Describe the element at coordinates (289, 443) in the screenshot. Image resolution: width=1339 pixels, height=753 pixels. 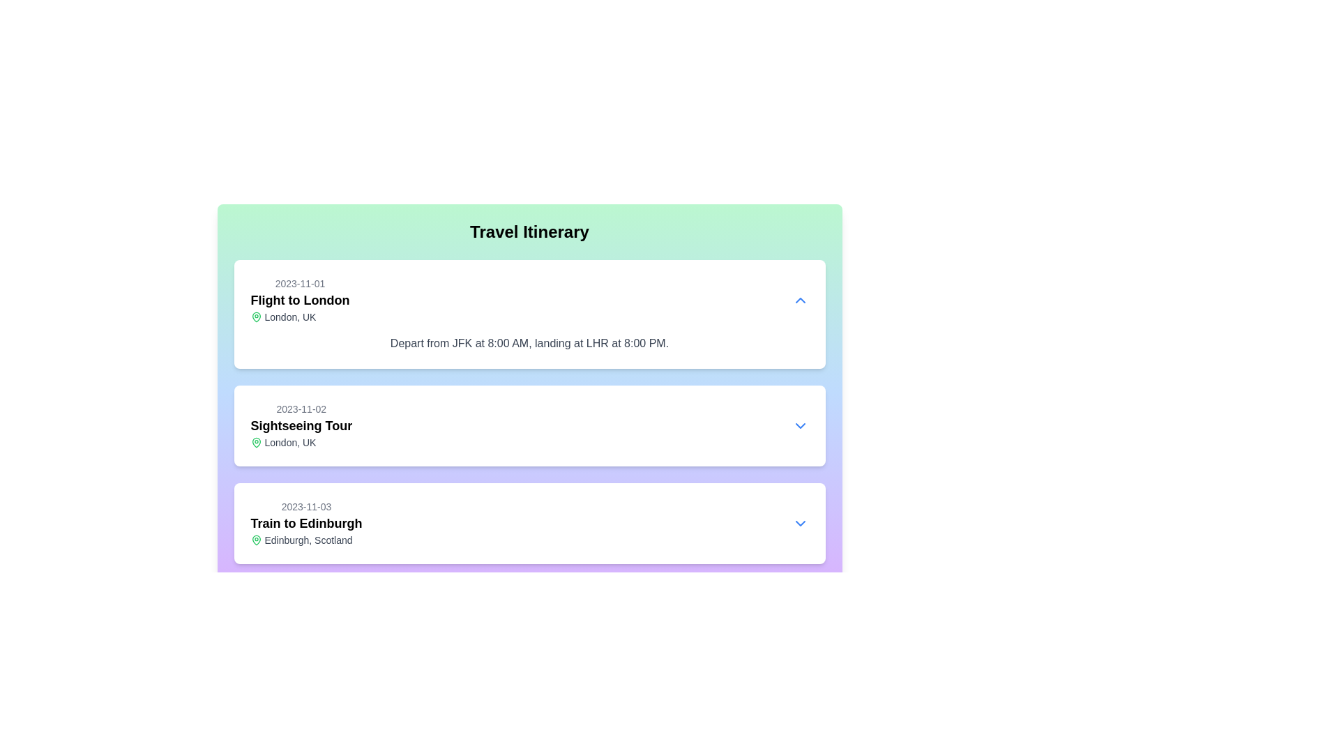
I see `the informational Text label that provides location information for the second itinerary entry beneath the 'Sightseeing Tour' heading` at that location.